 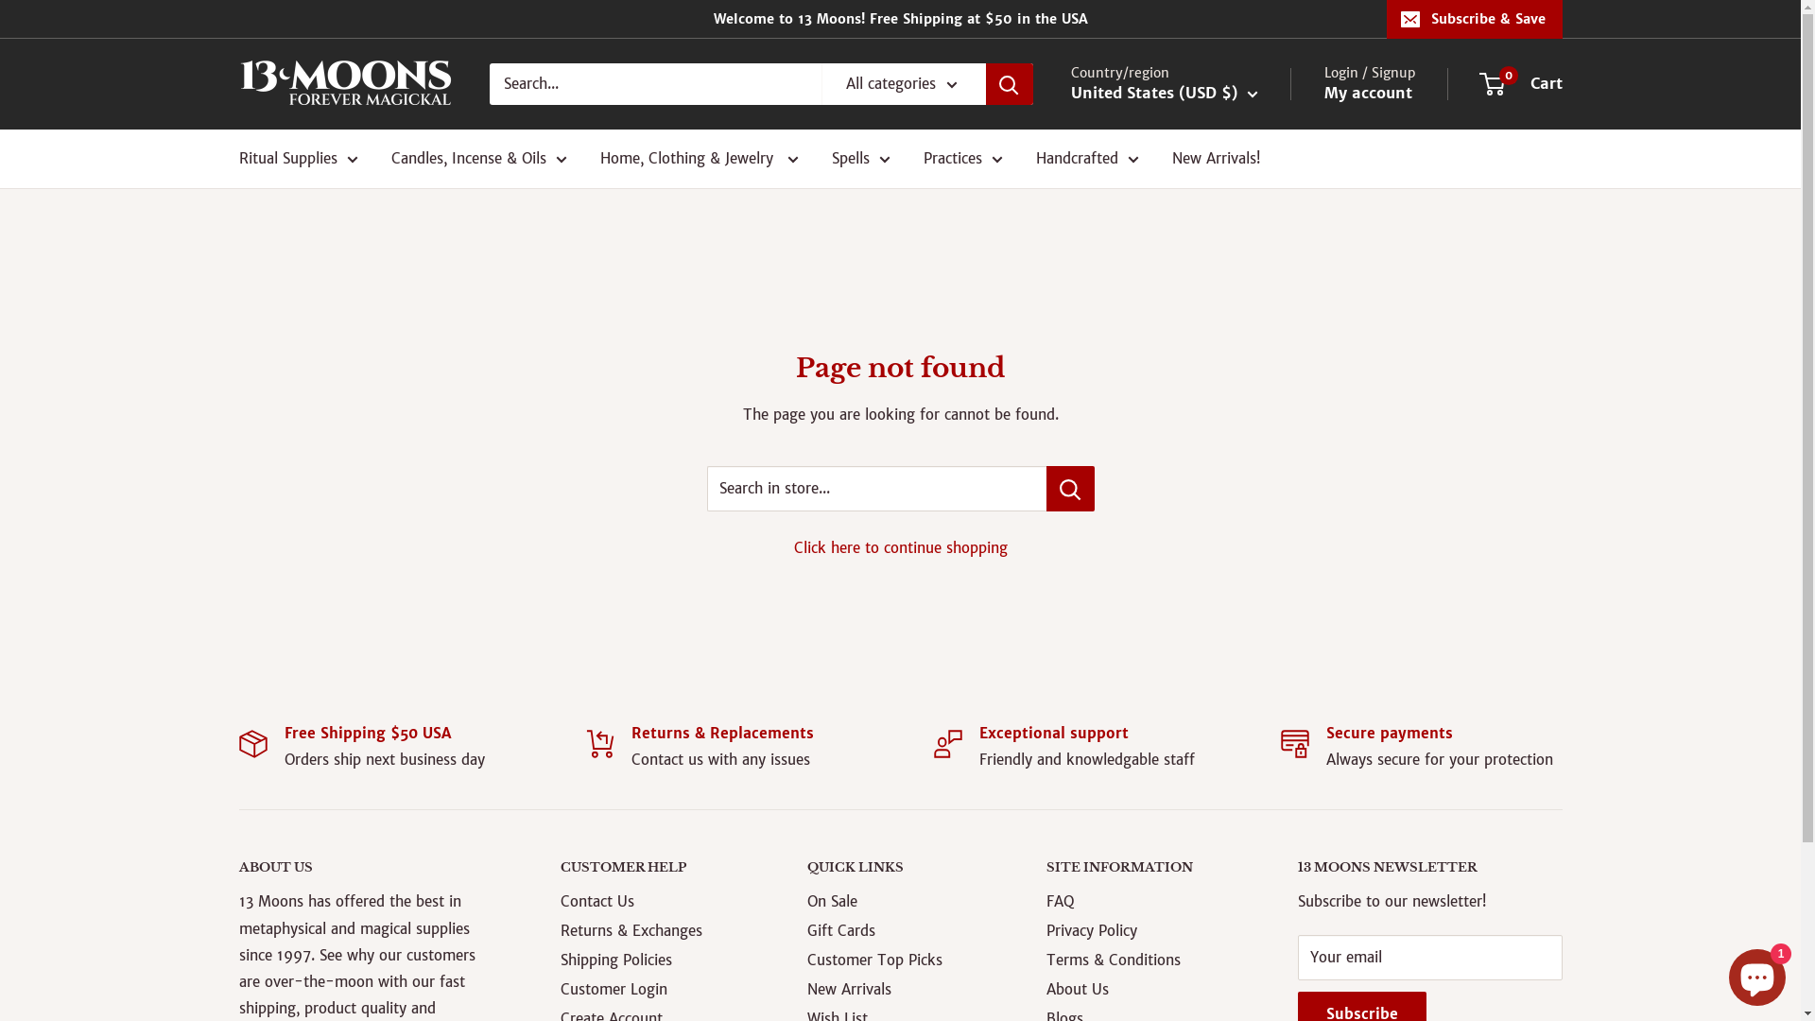 I want to click on 'Contact Us', so click(x=650, y=900).